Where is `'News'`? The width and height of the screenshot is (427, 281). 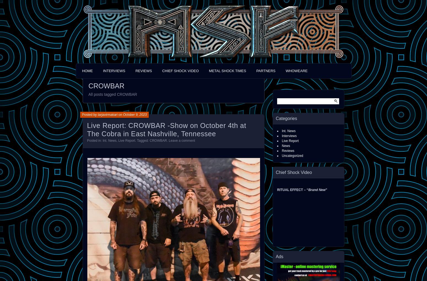
'News' is located at coordinates (286, 146).